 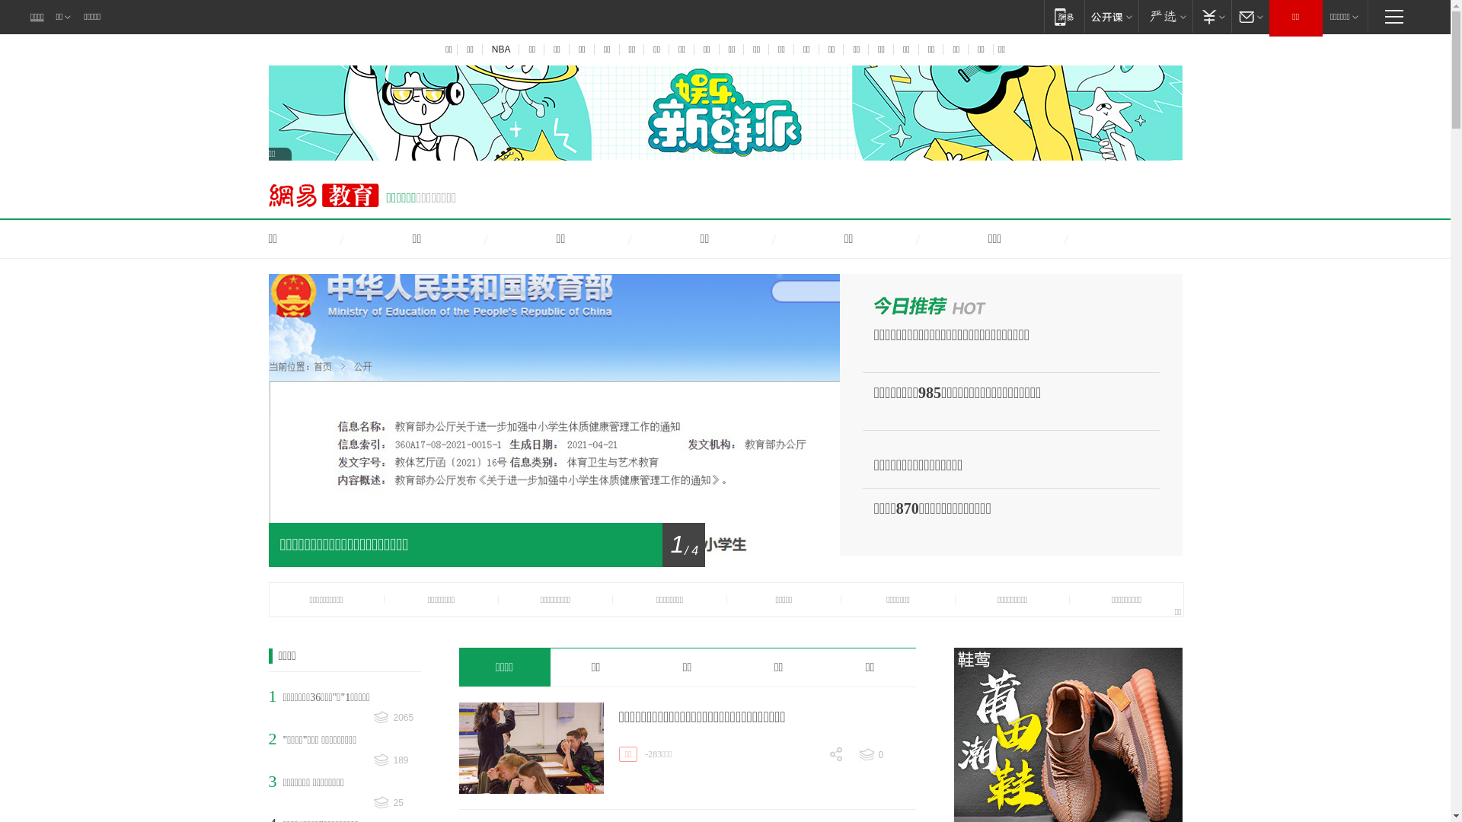 I want to click on '189', so click(x=397, y=760).